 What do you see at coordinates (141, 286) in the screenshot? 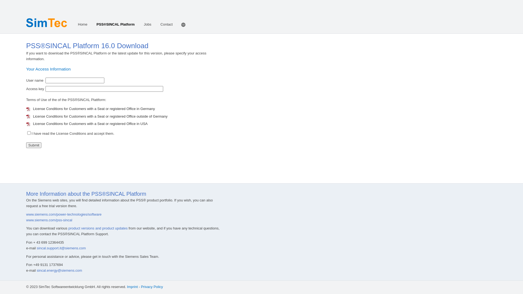
I see `'Privacy Policy'` at bounding box center [141, 286].